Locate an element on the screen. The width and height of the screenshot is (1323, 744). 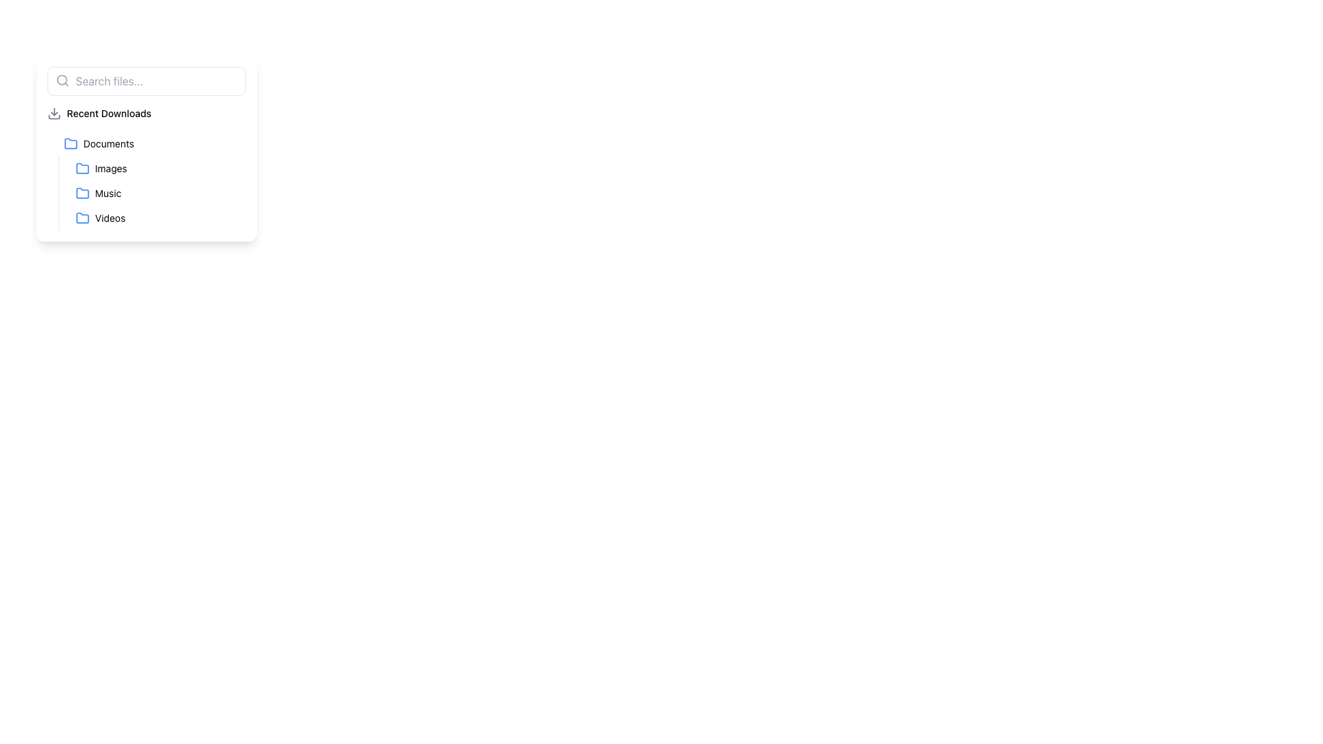
the fourth folder icon representing a folder containing files under the 'Videos' category is located at coordinates (82, 217).